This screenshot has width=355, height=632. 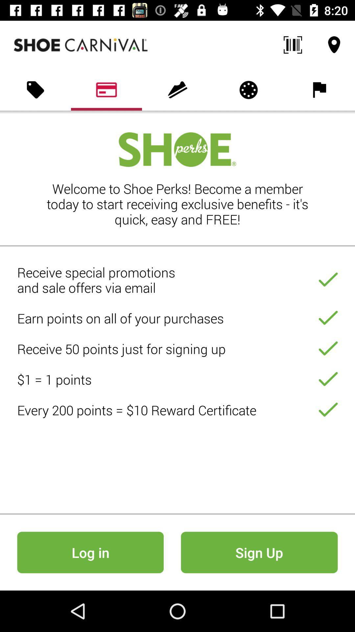 What do you see at coordinates (259, 553) in the screenshot?
I see `the button which is to the right side of the login` at bounding box center [259, 553].